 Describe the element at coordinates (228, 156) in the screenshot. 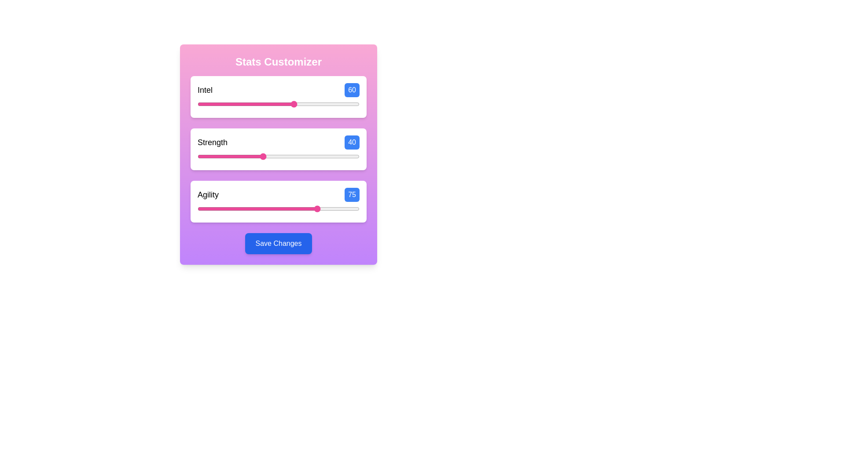

I see `the Strength slider` at that location.